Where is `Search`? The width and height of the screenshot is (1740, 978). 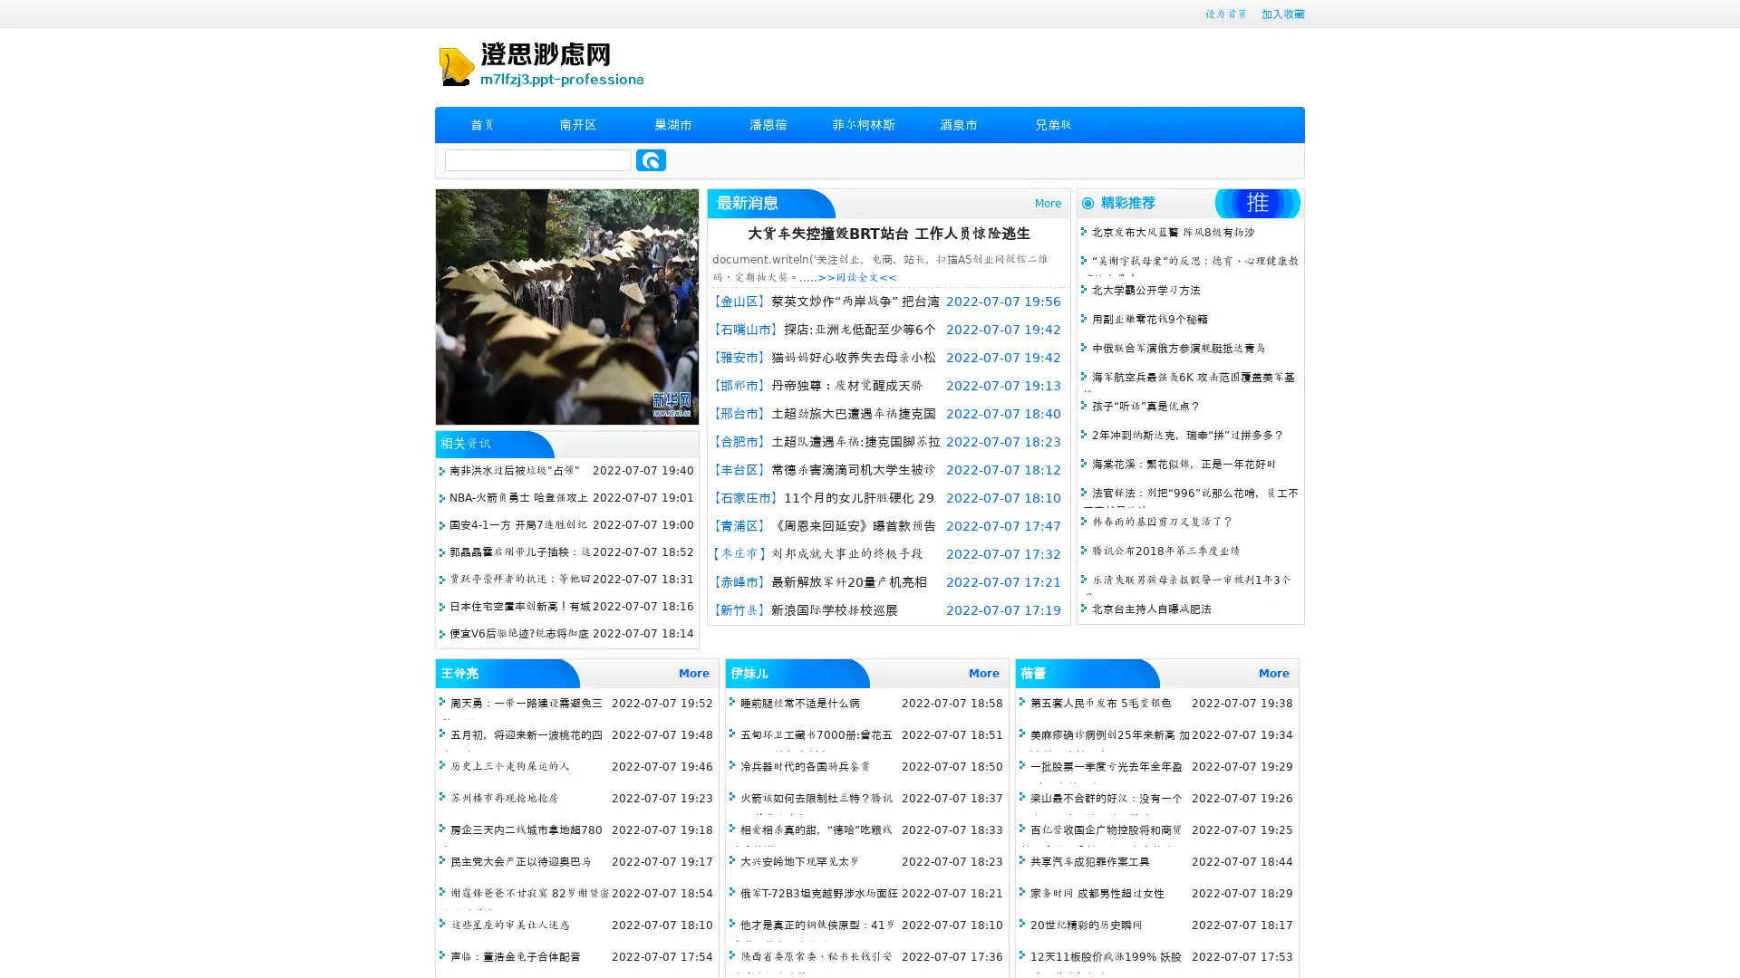
Search is located at coordinates (651, 159).